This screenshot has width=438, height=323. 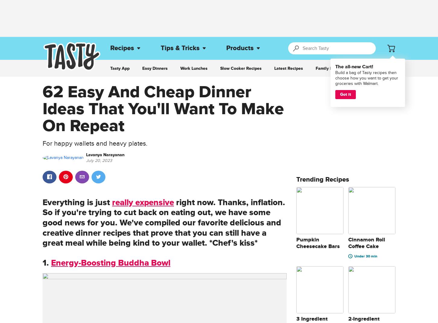 What do you see at coordinates (194, 68) in the screenshot?
I see `'Work Lunches'` at bounding box center [194, 68].